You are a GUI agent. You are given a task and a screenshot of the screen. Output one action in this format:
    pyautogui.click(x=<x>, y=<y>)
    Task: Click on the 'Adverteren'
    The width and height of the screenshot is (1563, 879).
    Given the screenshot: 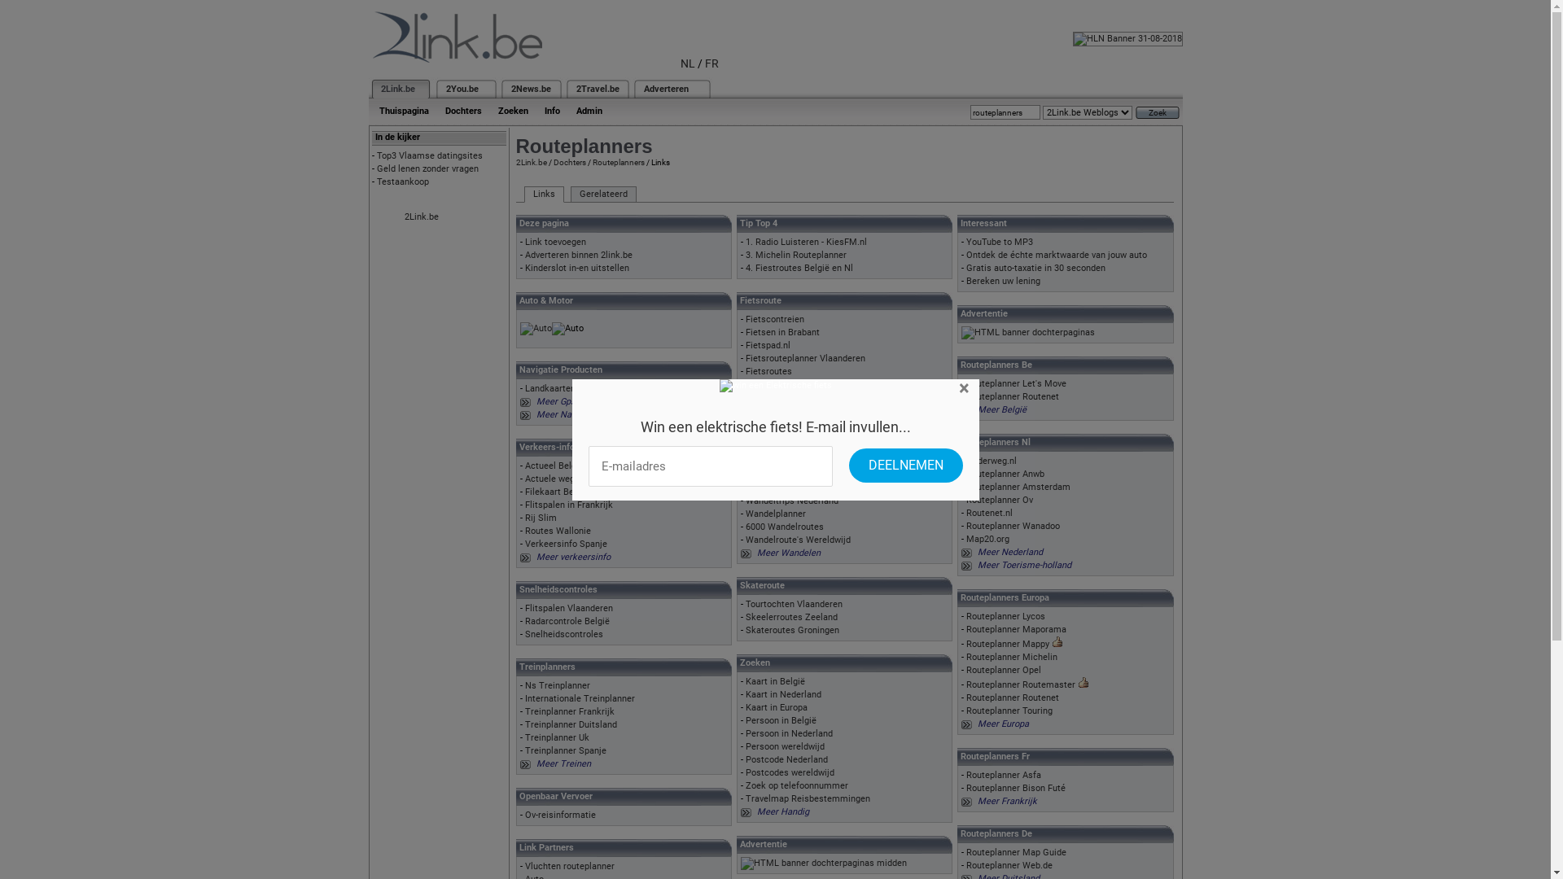 What is the action you would take?
    pyautogui.click(x=665, y=89)
    